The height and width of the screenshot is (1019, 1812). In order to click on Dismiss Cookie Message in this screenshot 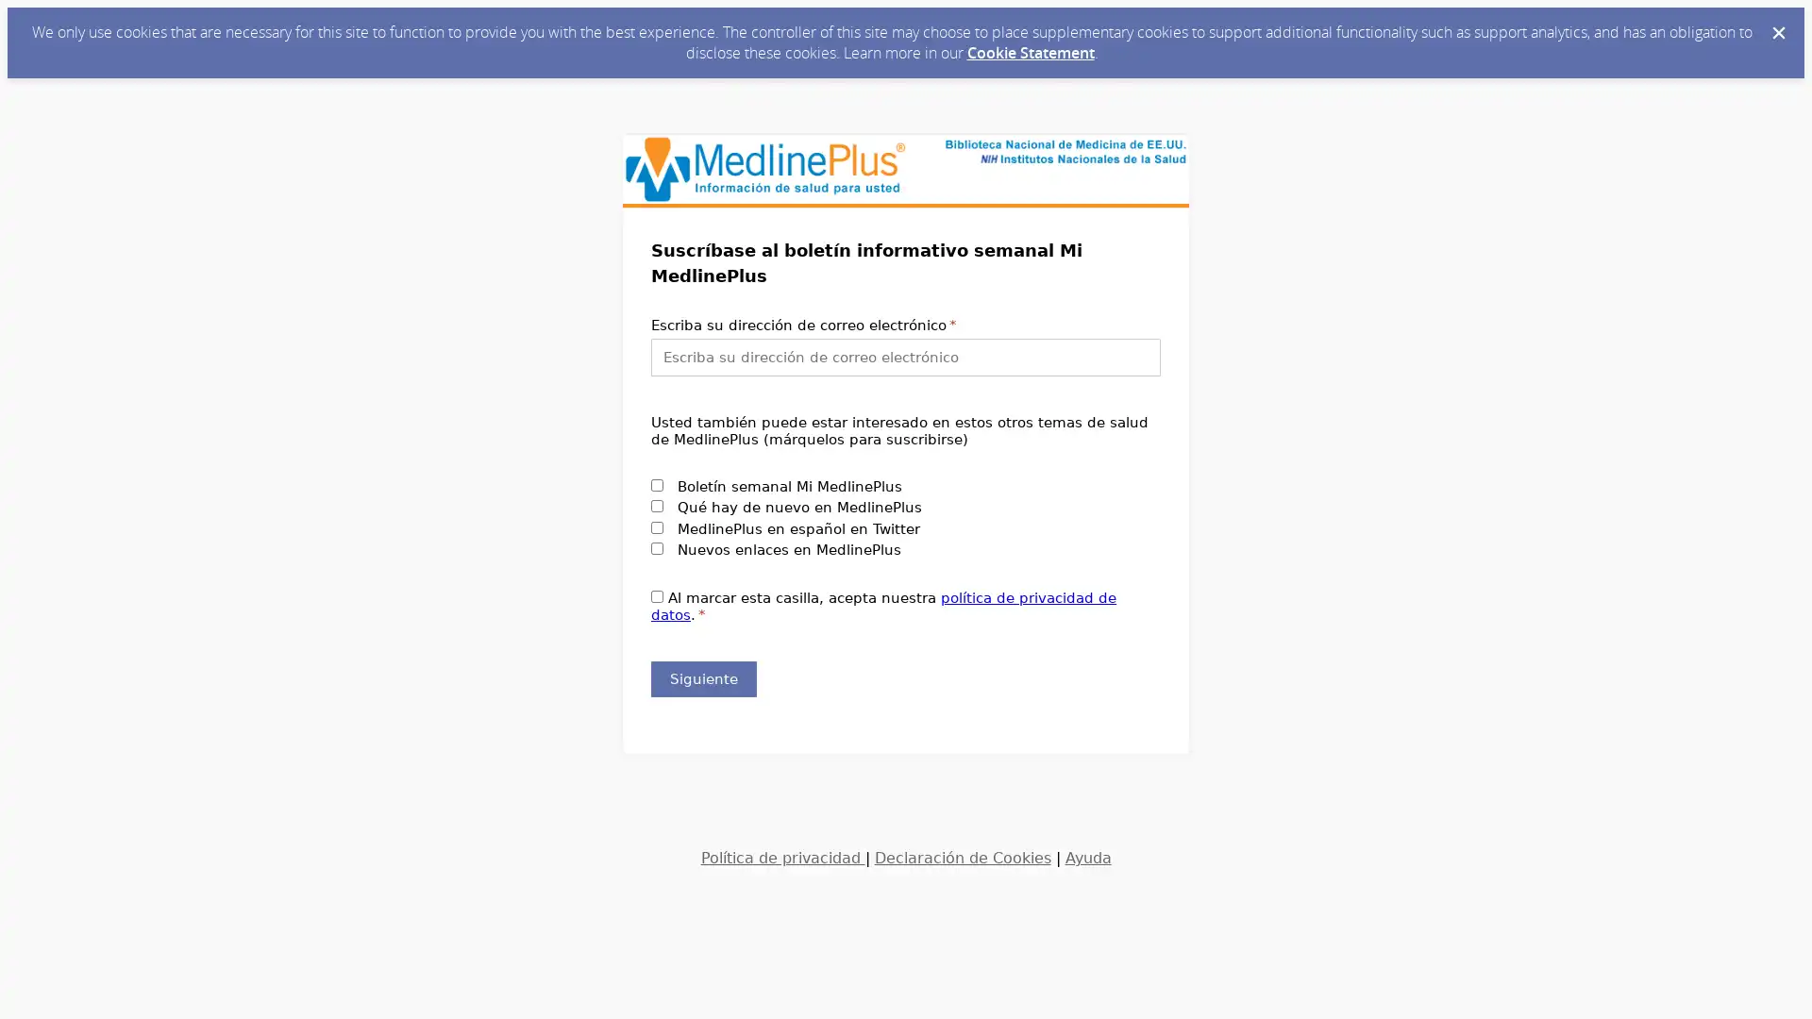, I will do `click(1778, 32)`.